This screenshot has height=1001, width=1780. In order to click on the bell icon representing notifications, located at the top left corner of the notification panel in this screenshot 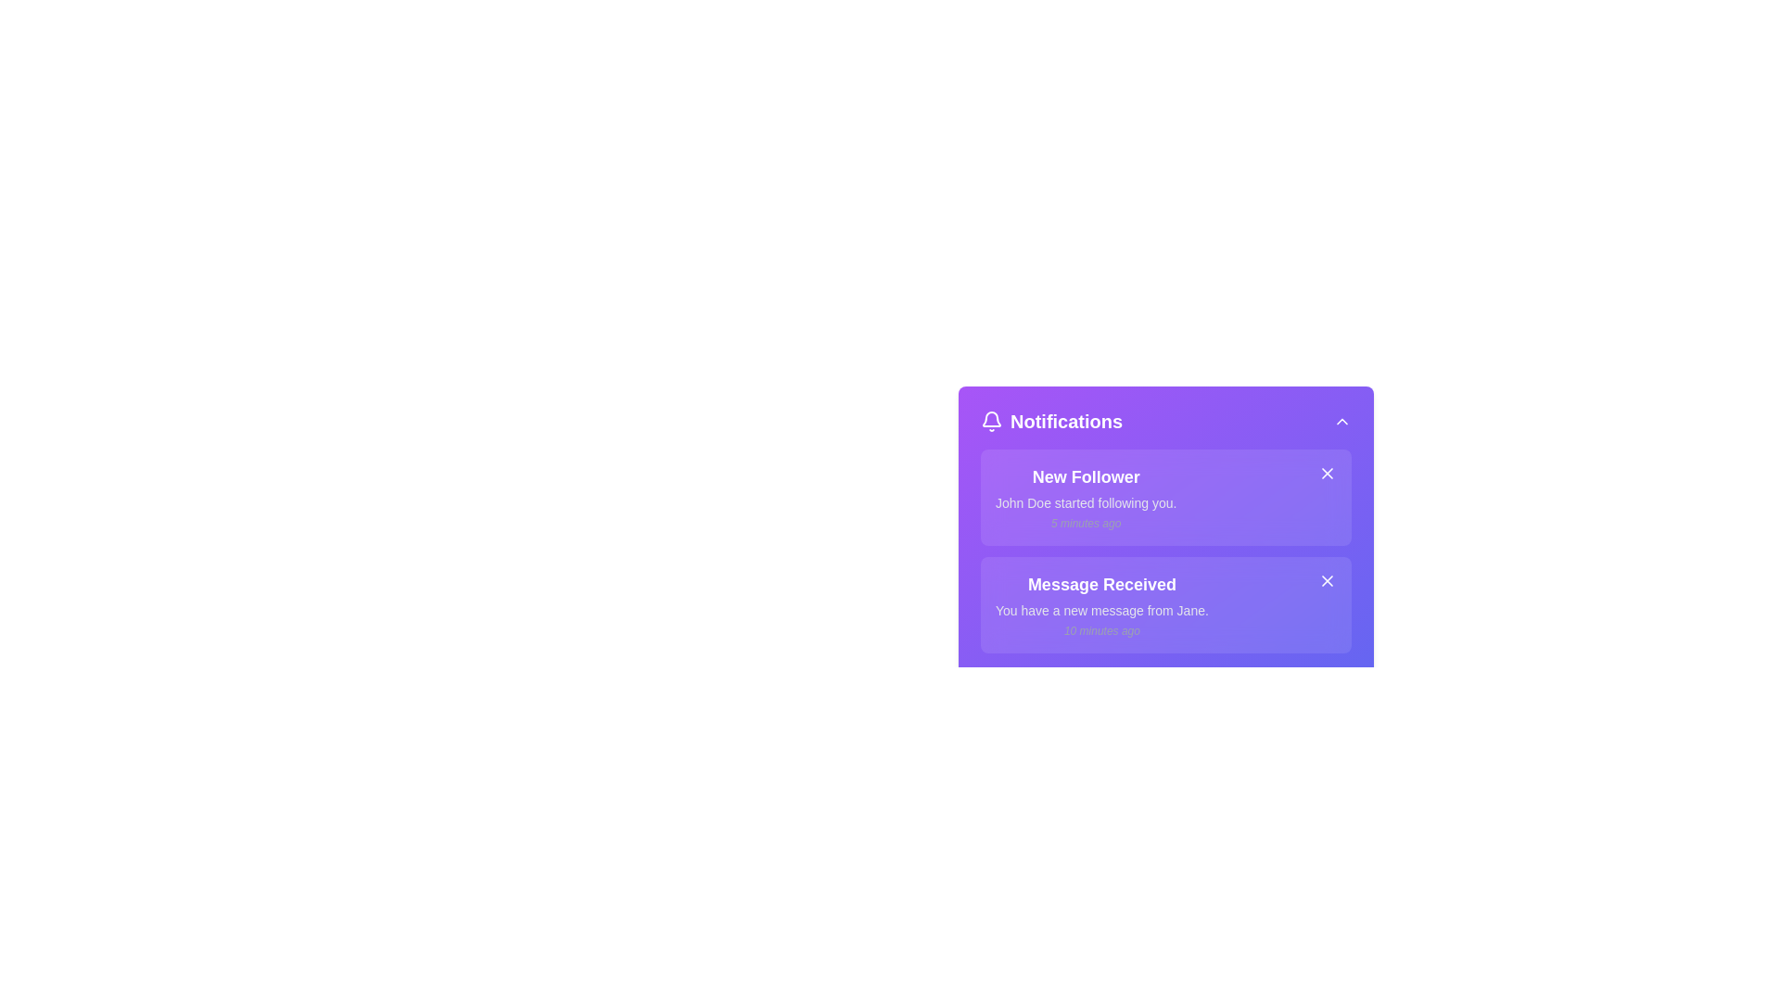, I will do `click(991, 419)`.